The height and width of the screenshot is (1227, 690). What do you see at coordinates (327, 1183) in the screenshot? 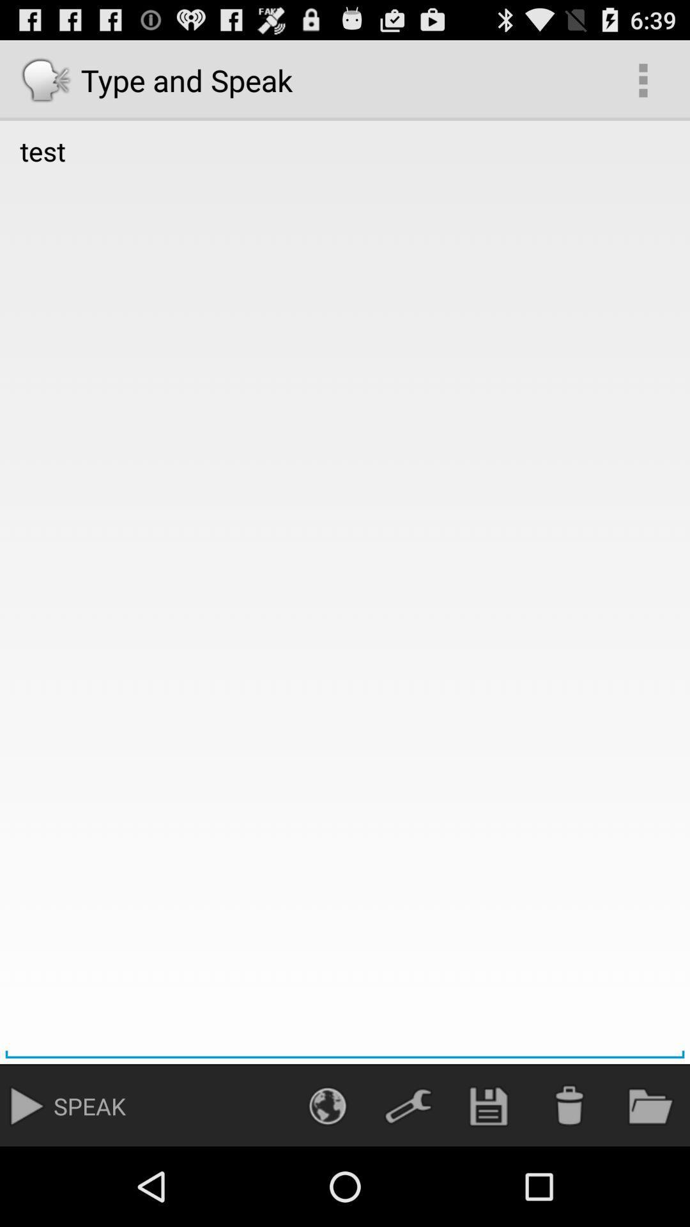
I see `the globe icon` at bounding box center [327, 1183].